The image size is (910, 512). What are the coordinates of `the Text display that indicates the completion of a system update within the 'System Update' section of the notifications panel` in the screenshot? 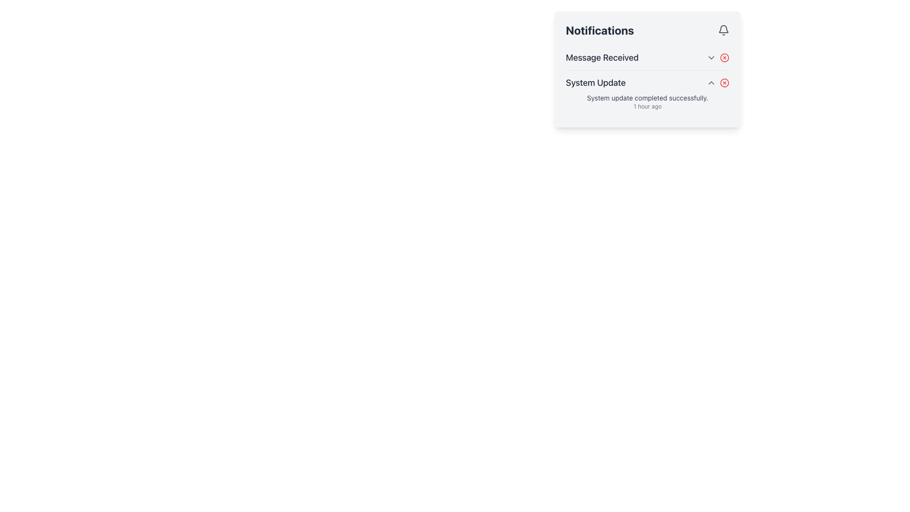 It's located at (647, 102).